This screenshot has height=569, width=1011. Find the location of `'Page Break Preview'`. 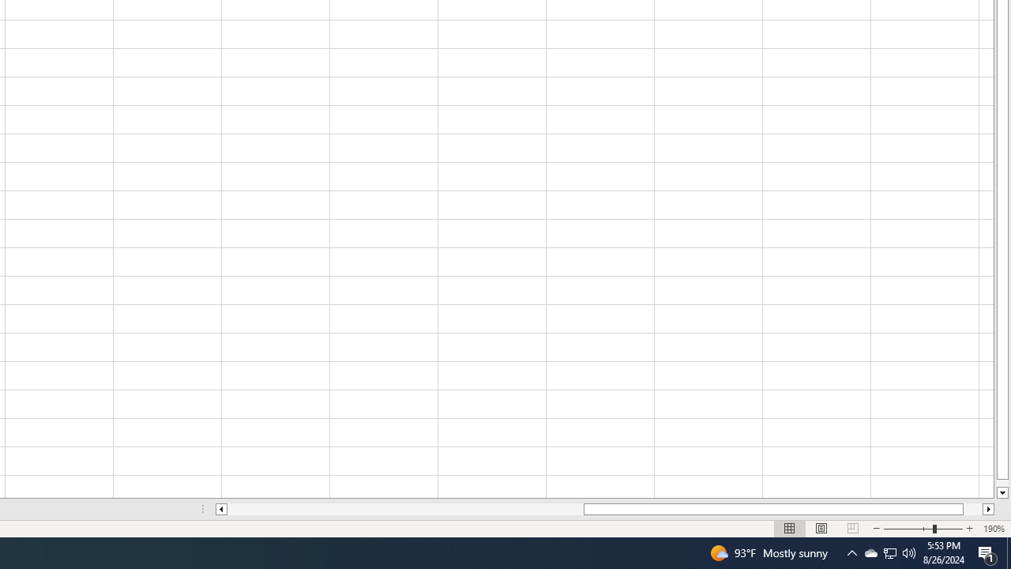

'Page Break Preview' is located at coordinates (851, 529).